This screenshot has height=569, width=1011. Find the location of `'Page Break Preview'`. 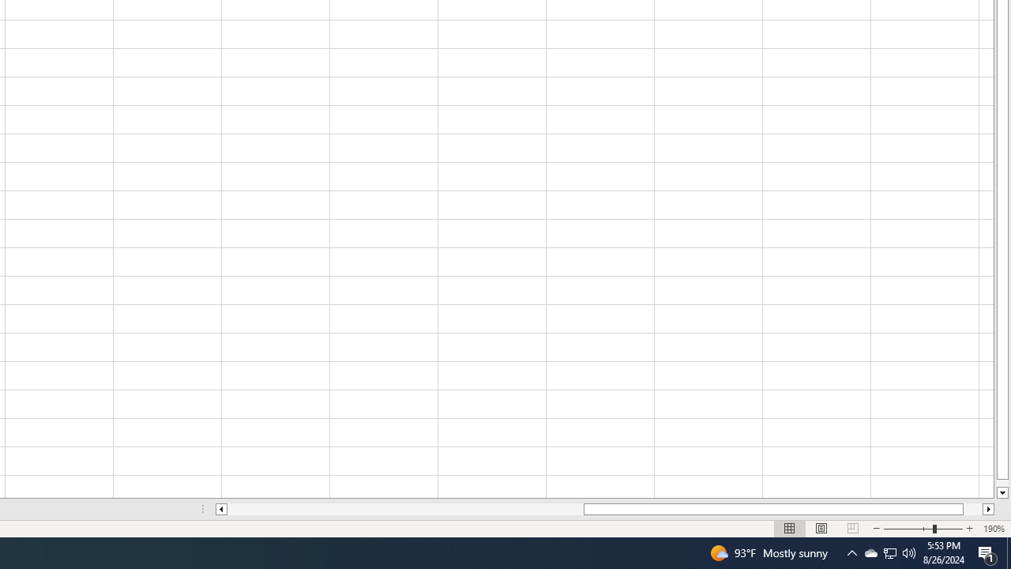

'Page Break Preview' is located at coordinates (851, 529).